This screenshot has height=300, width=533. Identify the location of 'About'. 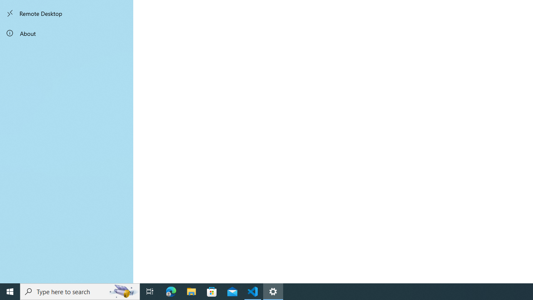
(67, 32).